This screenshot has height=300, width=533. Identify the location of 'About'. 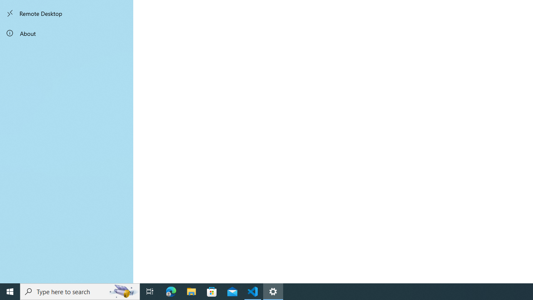
(67, 32).